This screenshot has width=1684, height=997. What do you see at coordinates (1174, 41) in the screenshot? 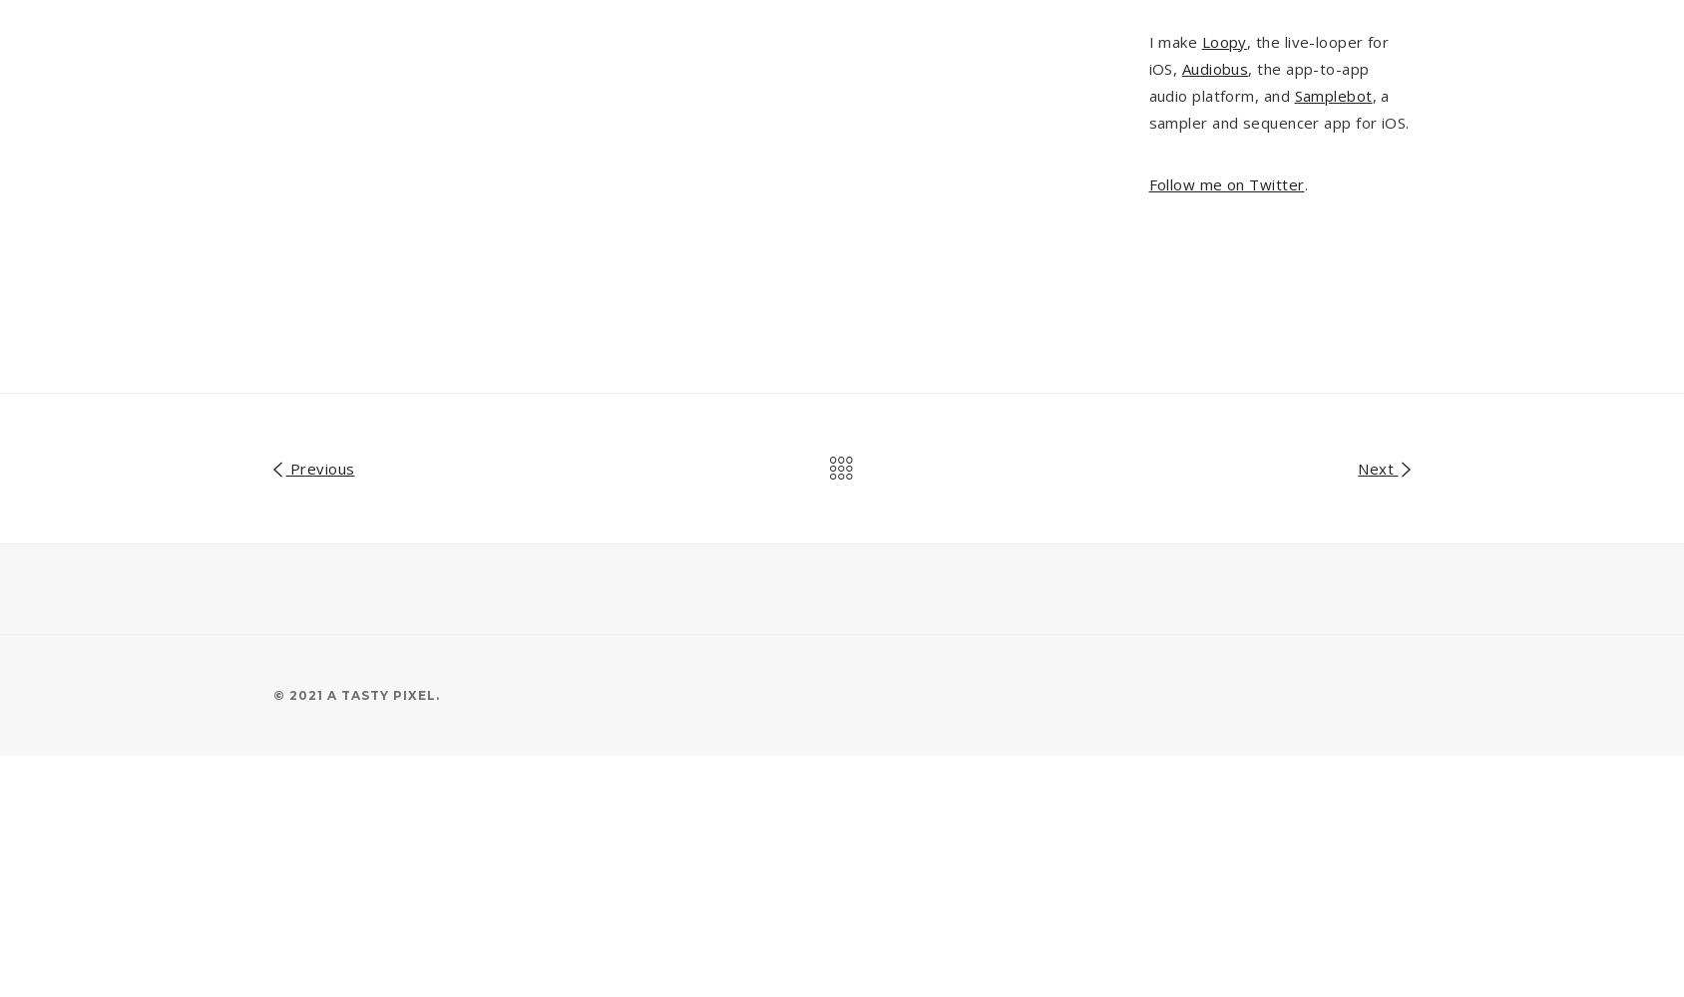
I see `'I make'` at bounding box center [1174, 41].